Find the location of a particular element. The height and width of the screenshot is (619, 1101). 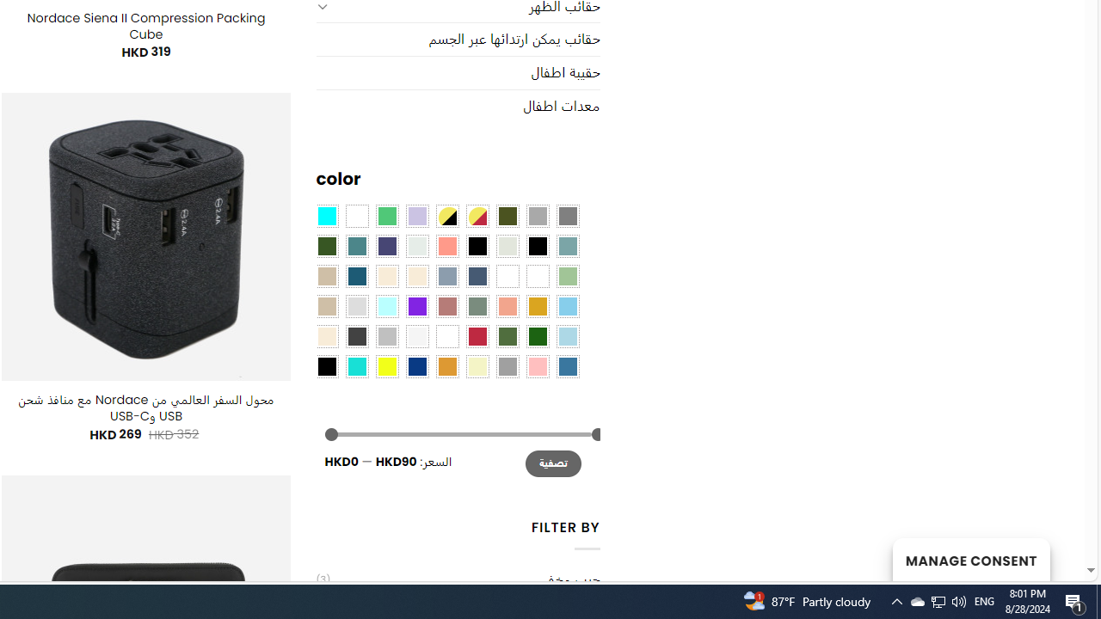

'Light-Gray' is located at coordinates (355, 304).